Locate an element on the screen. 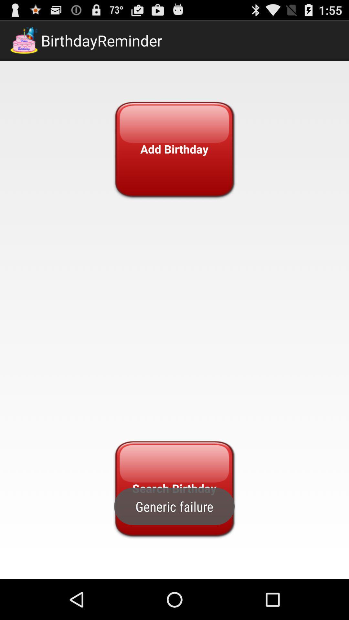 The width and height of the screenshot is (349, 620). add birthday button is located at coordinates (174, 149).